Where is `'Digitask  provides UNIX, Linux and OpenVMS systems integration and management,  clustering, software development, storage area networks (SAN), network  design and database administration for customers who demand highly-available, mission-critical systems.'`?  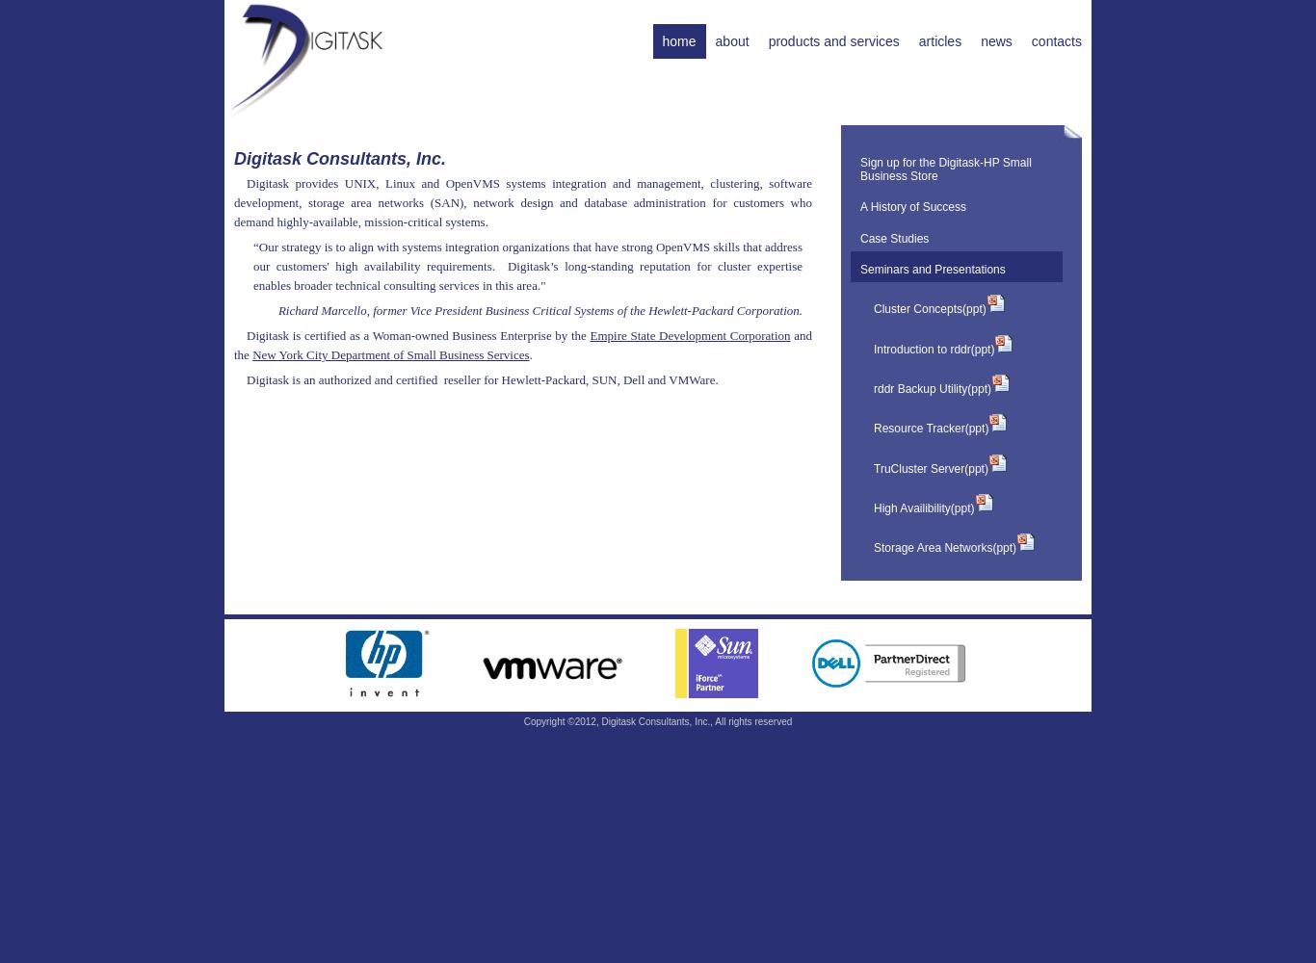
'Digitask  provides UNIX, Linux and OpenVMS systems integration and management,  clustering, software development, storage area networks (SAN), network  design and database administration for customers who demand highly-available, mission-critical systems.' is located at coordinates (522, 200).